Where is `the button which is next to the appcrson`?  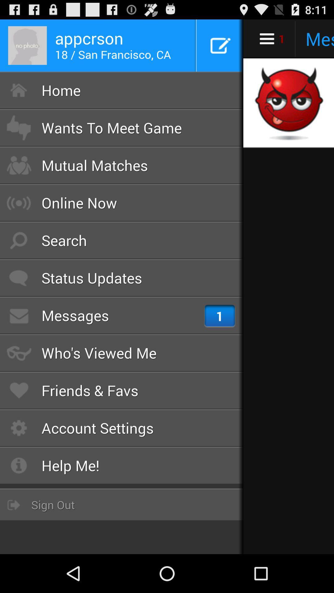 the button which is next to the appcrson is located at coordinates (220, 45).